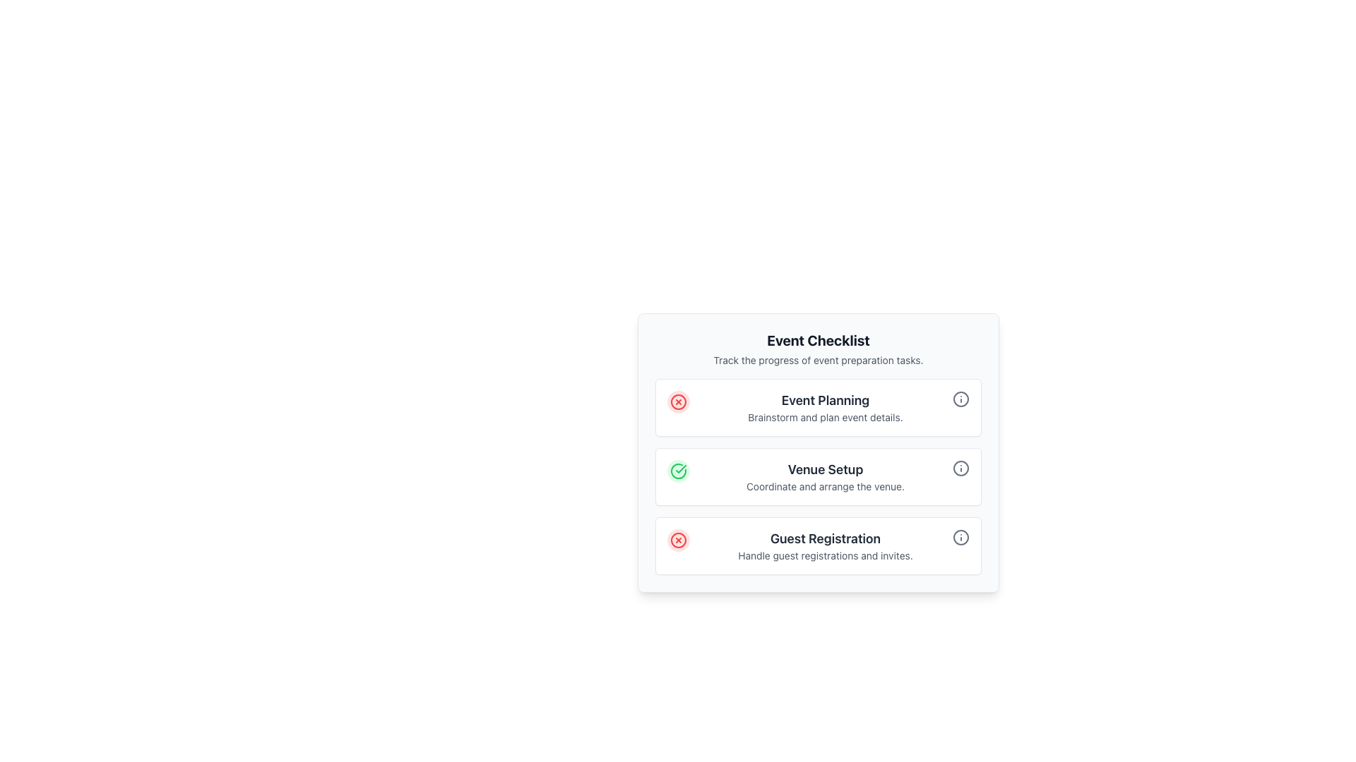 The width and height of the screenshot is (1356, 762). Describe the element at coordinates (826, 416) in the screenshot. I see `the descriptive text element located under the 'Event Planning' section, which provides information about the actions involved in the task` at that location.